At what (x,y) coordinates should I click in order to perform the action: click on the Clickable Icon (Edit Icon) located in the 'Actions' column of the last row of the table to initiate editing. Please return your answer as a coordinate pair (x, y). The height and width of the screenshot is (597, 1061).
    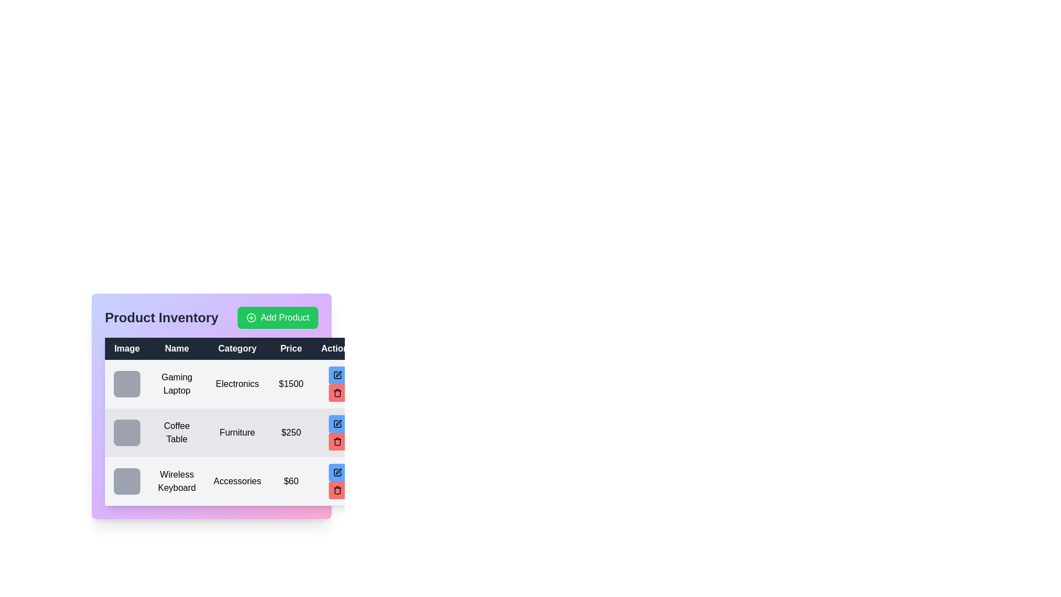
    Looking at the image, I should click on (338, 471).